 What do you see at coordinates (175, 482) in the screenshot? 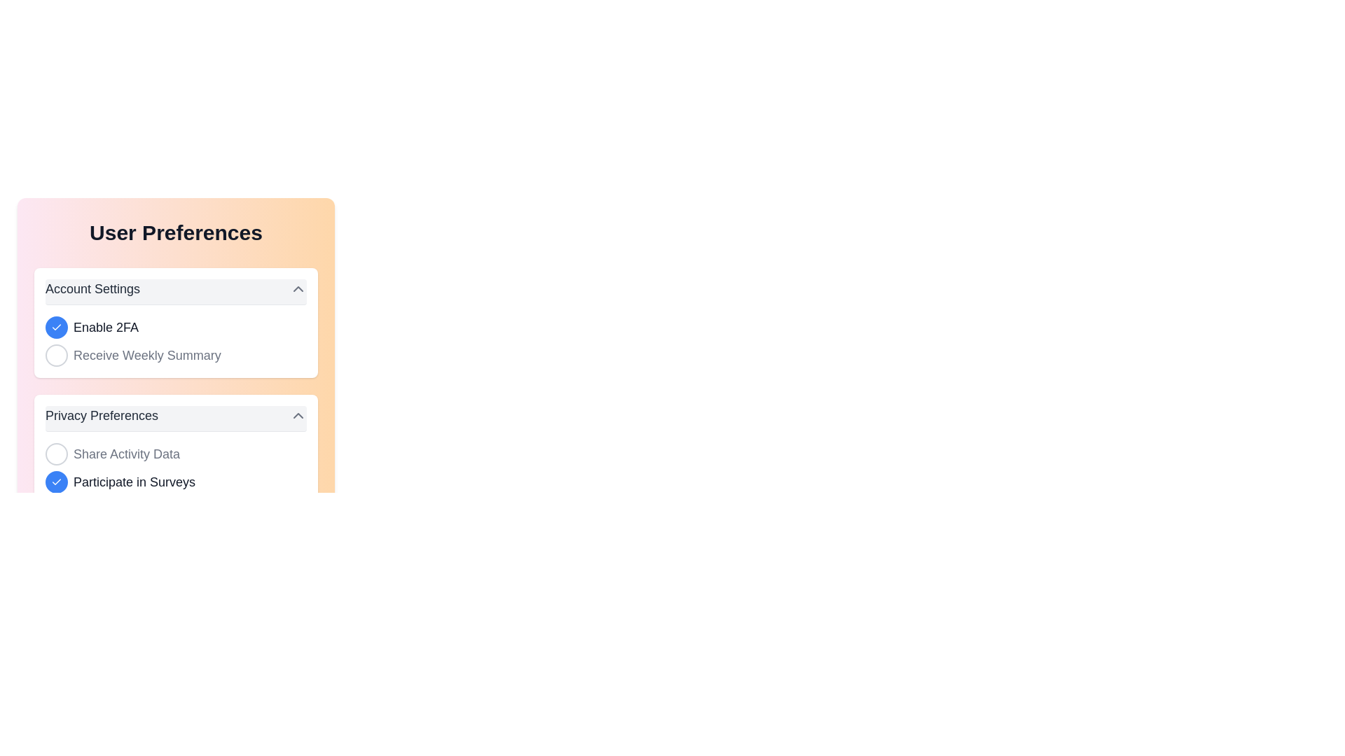
I see `the label of the interactive checkbox for 'Participate in Surveys' located in the 'Privacy Preferences' section` at bounding box center [175, 482].